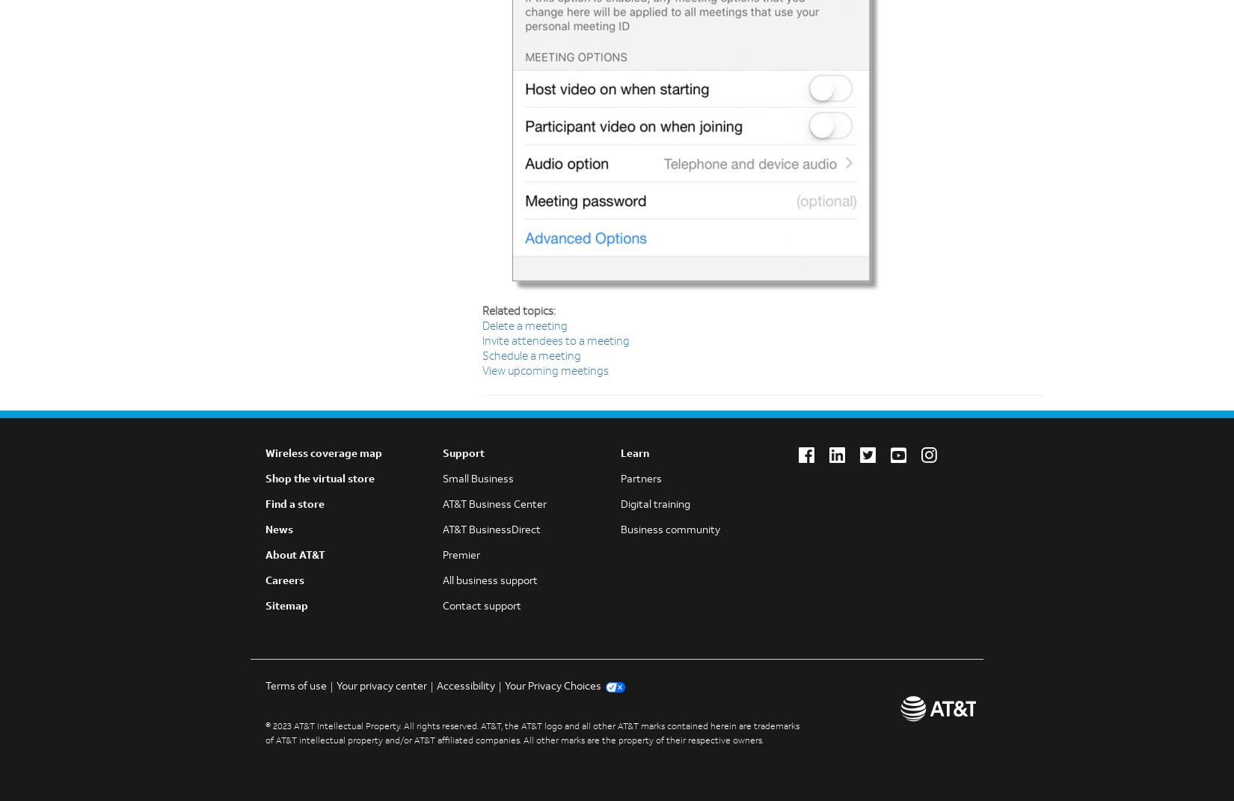  Describe the element at coordinates (524, 327) in the screenshot. I see `'Delete a meeting'` at that location.